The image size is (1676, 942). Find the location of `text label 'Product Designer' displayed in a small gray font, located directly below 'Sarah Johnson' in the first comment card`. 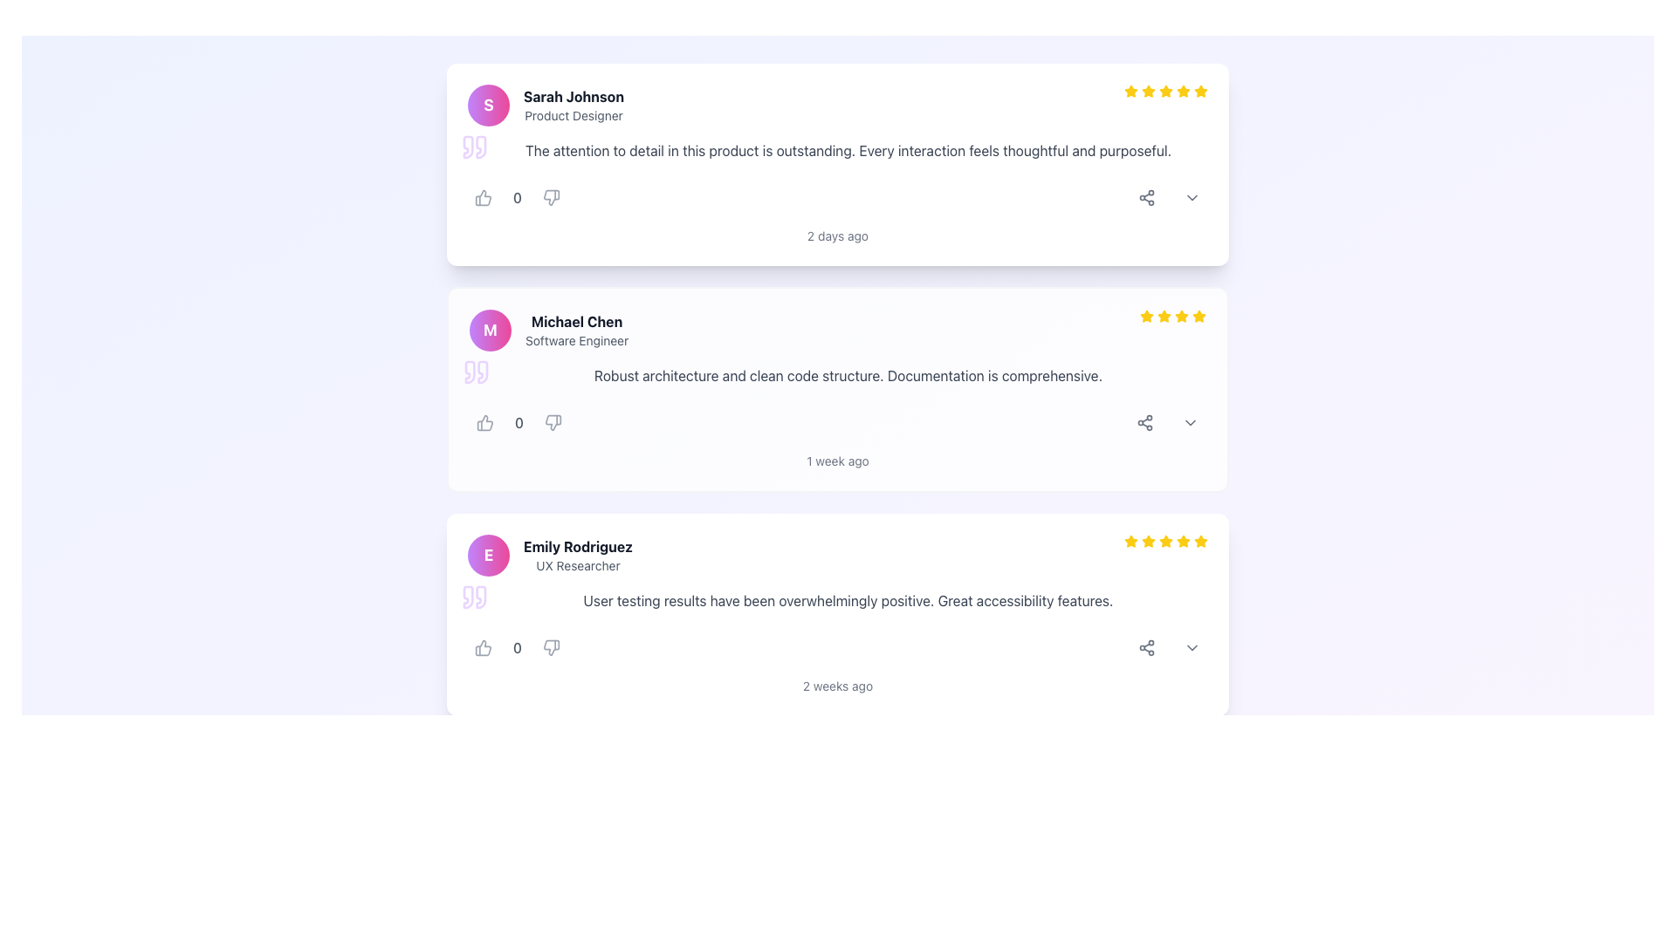

text label 'Product Designer' displayed in a small gray font, located directly below 'Sarah Johnson' in the first comment card is located at coordinates (574, 115).